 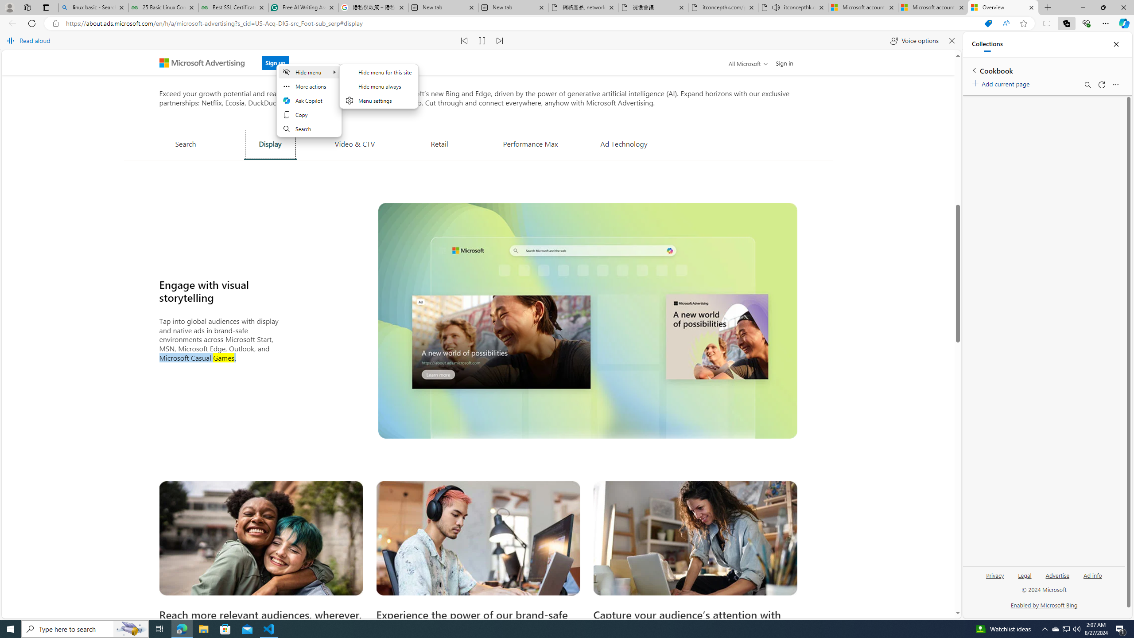 What do you see at coordinates (776, 7) in the screenshot?
I see `'Mute tab'` at bounding box center [776, 7].